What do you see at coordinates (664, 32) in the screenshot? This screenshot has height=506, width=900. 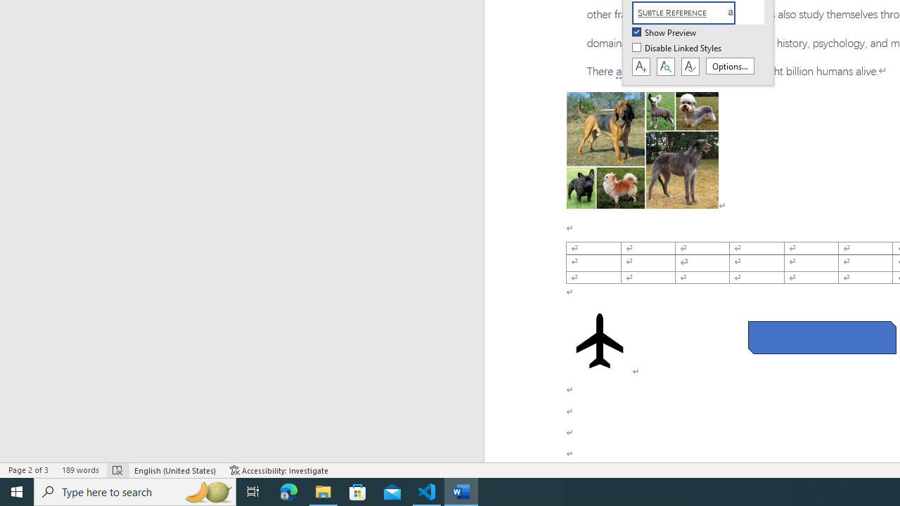 I see `'Show Preview'` at bounding box center [664, 32].